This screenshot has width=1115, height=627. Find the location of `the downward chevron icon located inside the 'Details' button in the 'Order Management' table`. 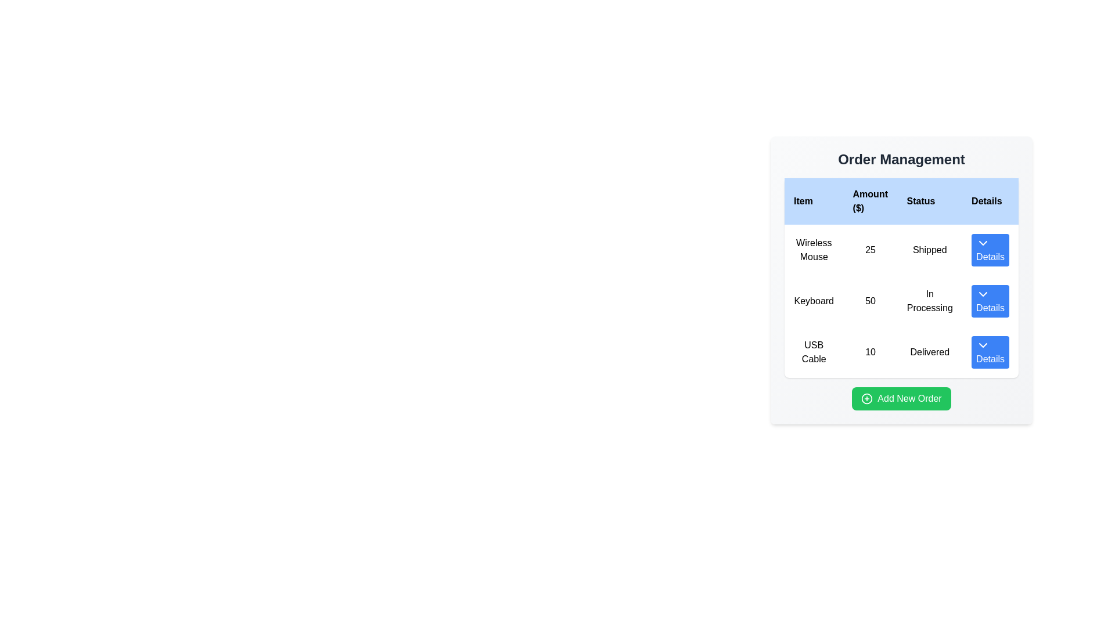

the downward chevron icon located inside the 'Details' button in the 'Order Management' table is located at coordinates (983, 293).